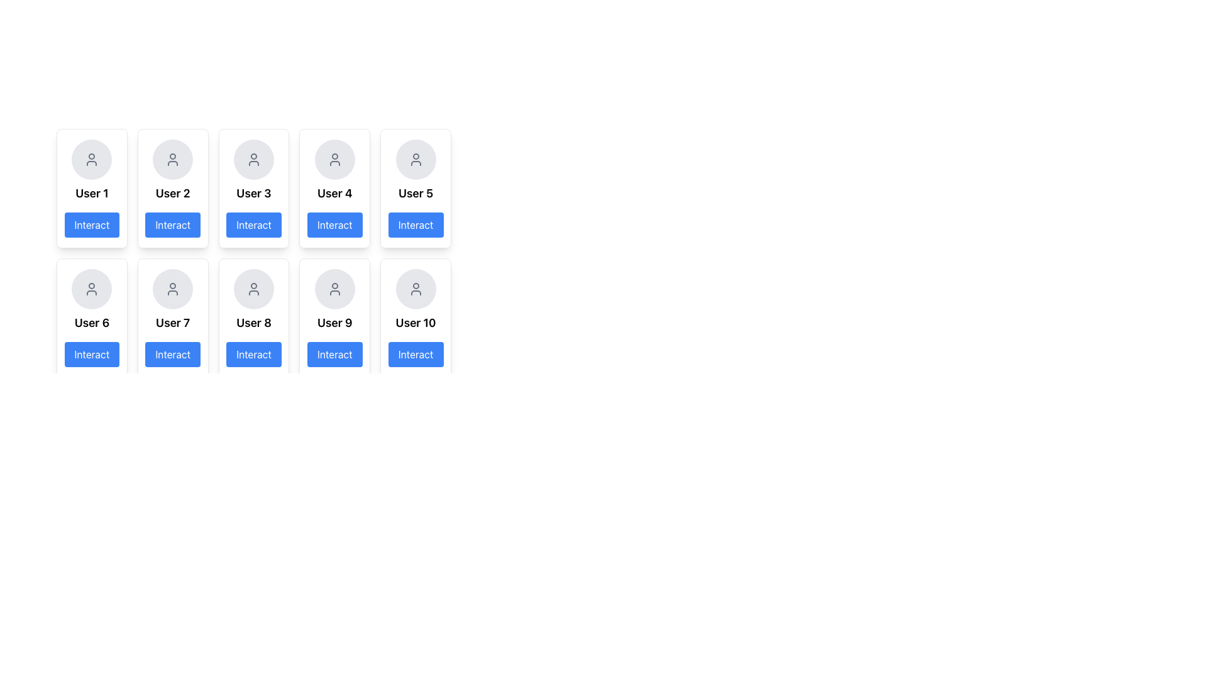  What do you see at coordinates (334, 289) in the screenshot?
I see `the user profile icon representing 'User 9' in the user card grid layout` at bounding box center [334, 289].